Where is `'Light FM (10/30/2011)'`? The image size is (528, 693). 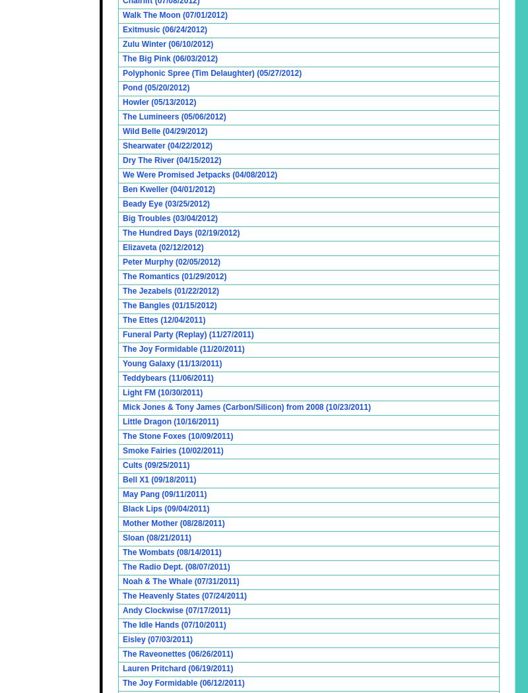 'Light FM (10/30/2011)' is located at coordinates (162, 392).